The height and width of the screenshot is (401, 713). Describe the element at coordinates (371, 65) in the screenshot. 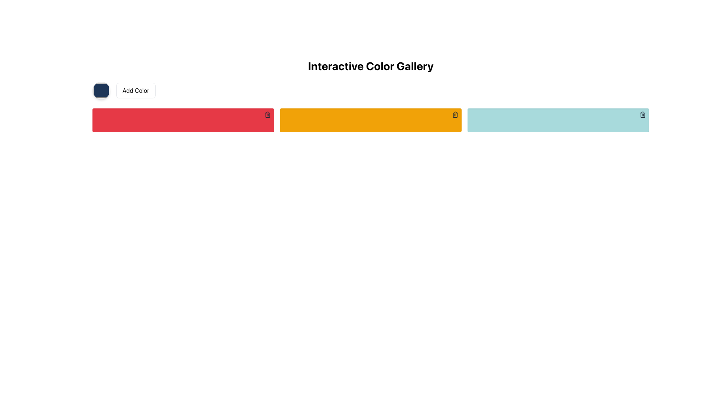

I see `the text element 'Interactive Color Gallery' displayed in bold at the top center of the interface, which is the title of the section` at that location.